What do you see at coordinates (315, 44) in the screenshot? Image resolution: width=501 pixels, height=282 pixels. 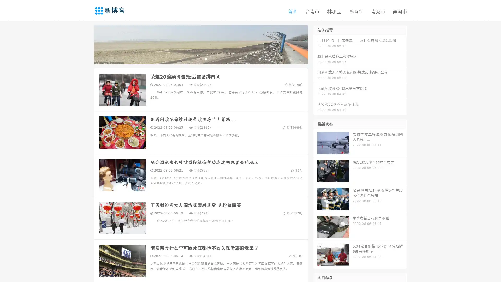 I see `Next slide` at bounding box center [315, 44].